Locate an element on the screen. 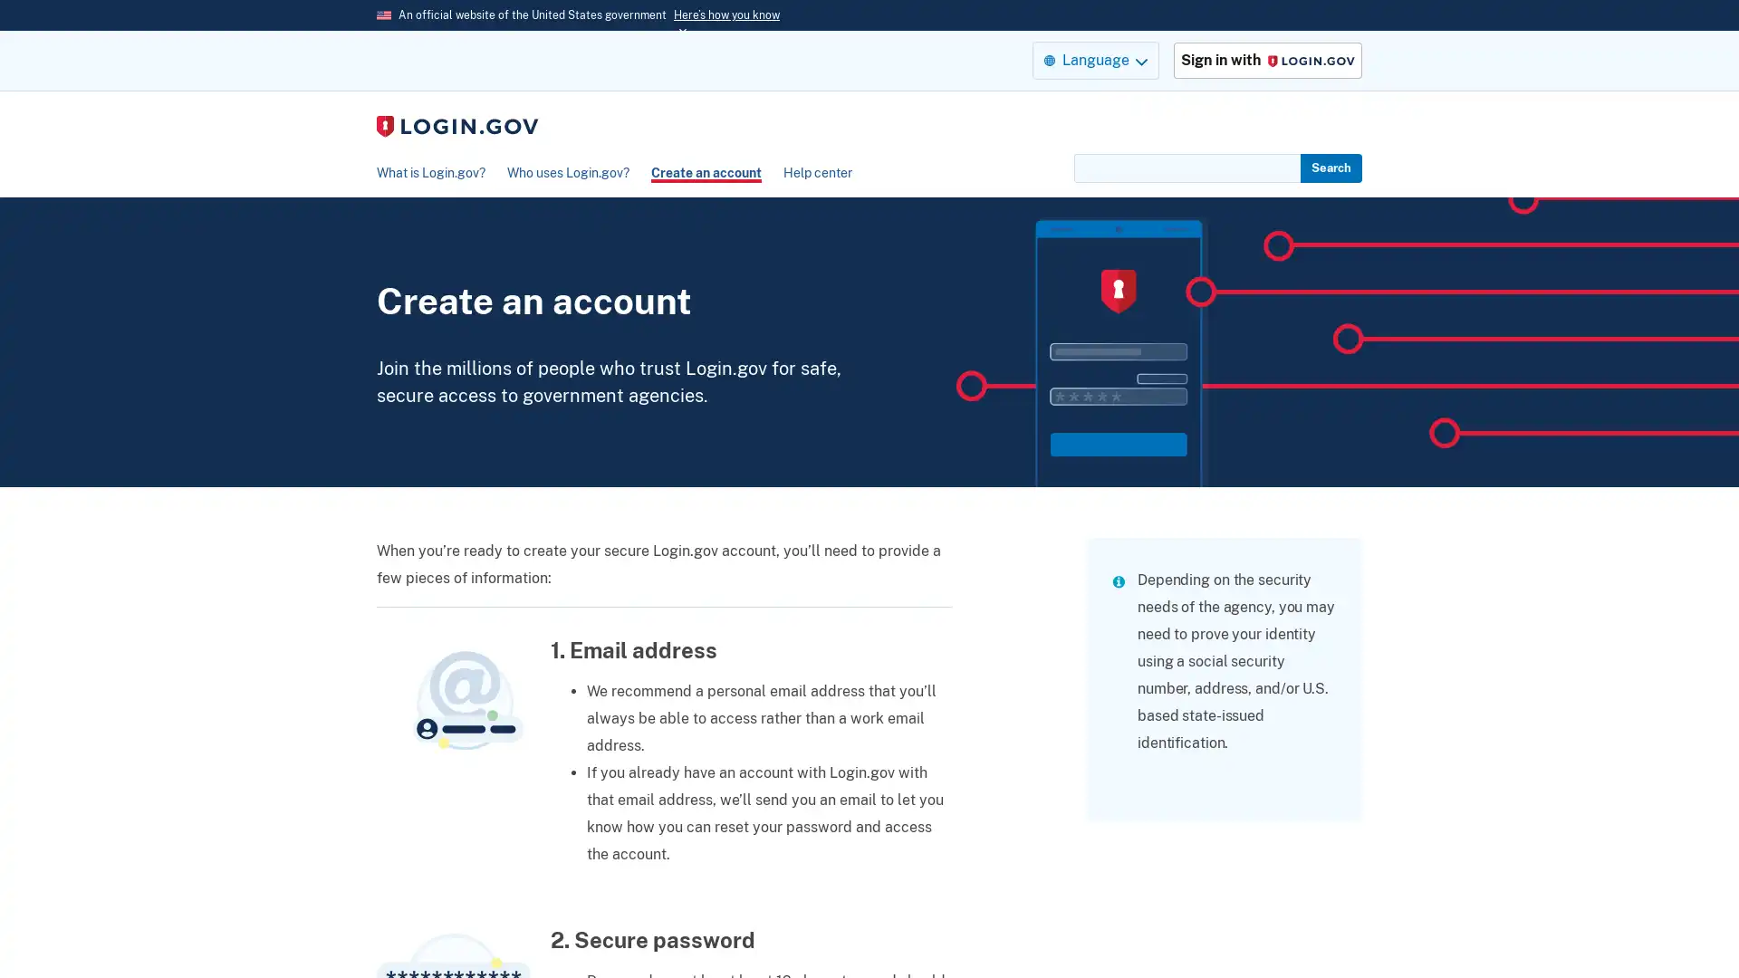  Search is located at coordinates (1331, 168).